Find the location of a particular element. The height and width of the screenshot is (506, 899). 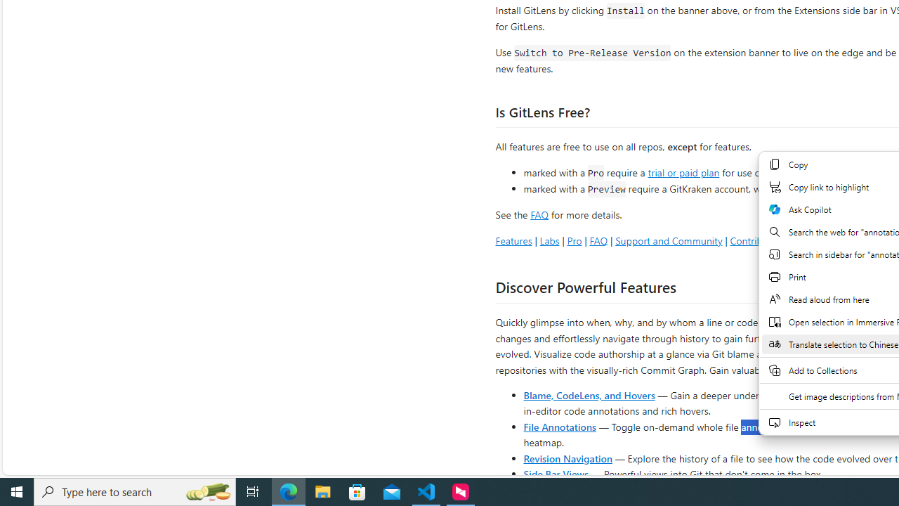

'trial or paid plan' is located at coordinates (683, 171).